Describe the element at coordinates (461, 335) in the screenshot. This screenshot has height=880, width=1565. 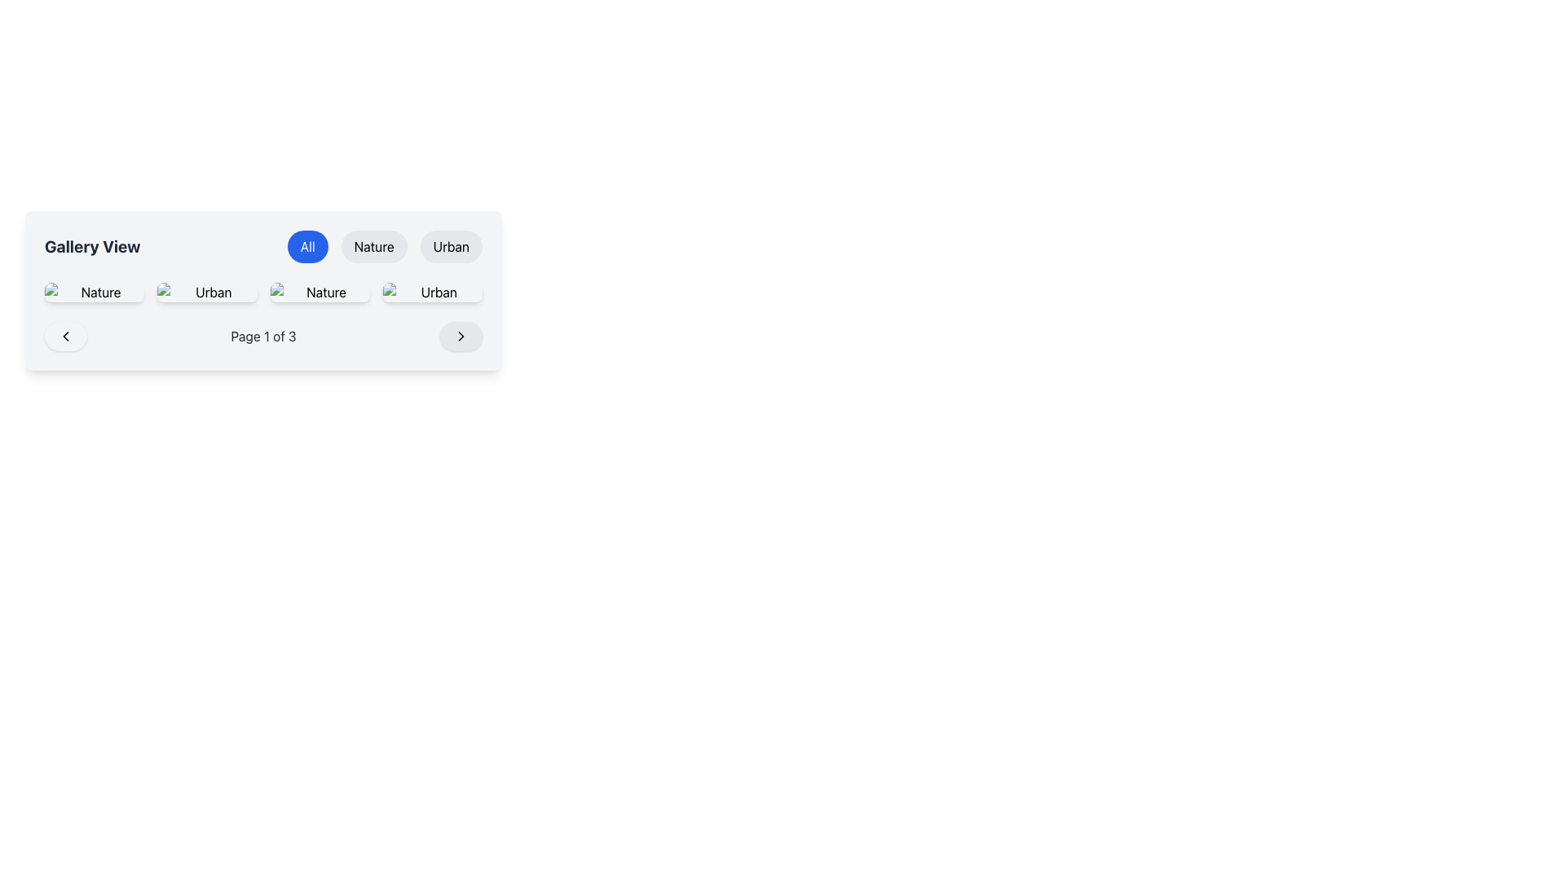
I see `the circular button with a gray background and a right-facing black arrow icon to proceed to the next page` at that location.